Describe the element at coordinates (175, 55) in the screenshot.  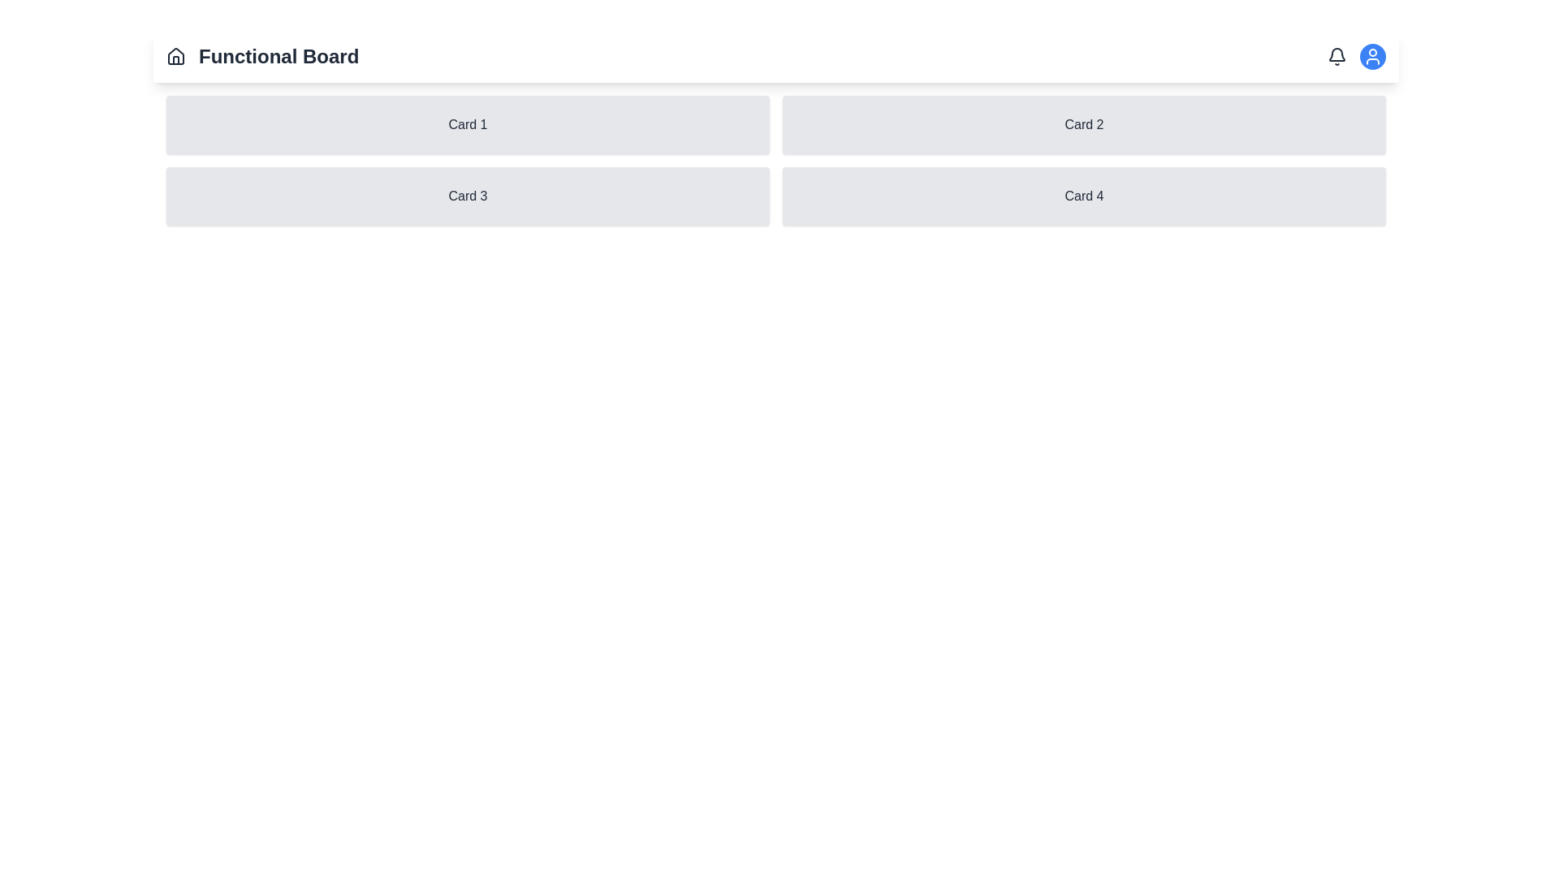
I see `the house icon located to the left of the 'Functional Board' text in the header section` at that location.